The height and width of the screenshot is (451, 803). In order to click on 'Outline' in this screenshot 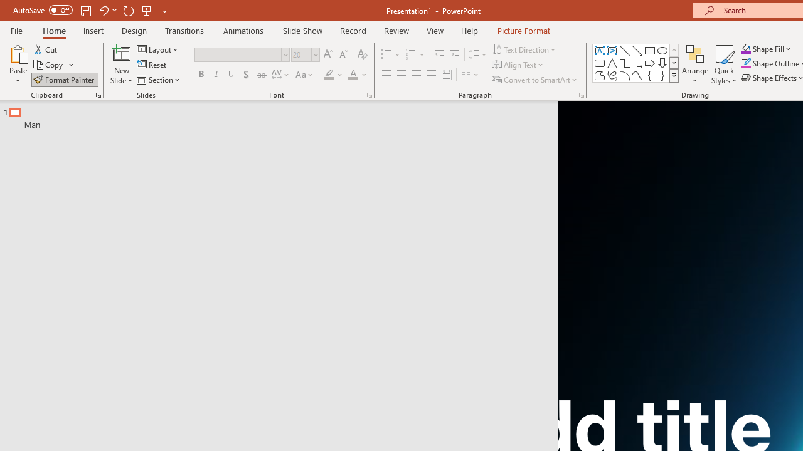, I will do `click(283, 115)`.